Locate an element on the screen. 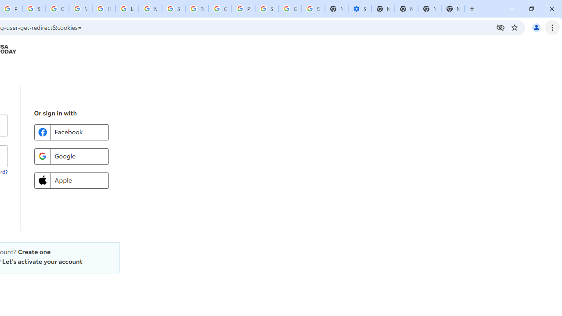 Image resolution: width=562 pixels, height=316 pixels. 'Google Cybersecurity Innovations - Google Safety Center' is located at coordinates (290, 9).